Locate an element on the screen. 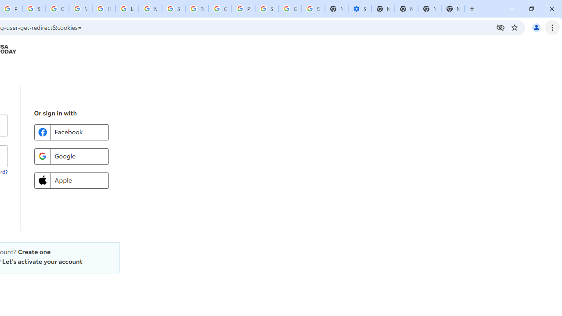 Image resolution: width=562 pixels, height=316 pixels. 'Google Cybersecurity Innovations - Google Safety Center' is located at coordinates (290, 9).